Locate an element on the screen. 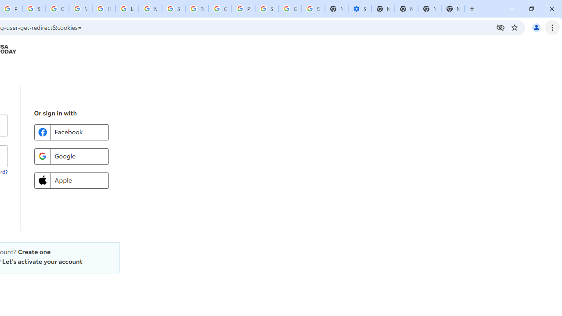 Image resolution: width=562 pixels, height=316 pixels. 'Google Cybersecurity Innovations - Google Safety Center' is located at coordinates (290, 9).